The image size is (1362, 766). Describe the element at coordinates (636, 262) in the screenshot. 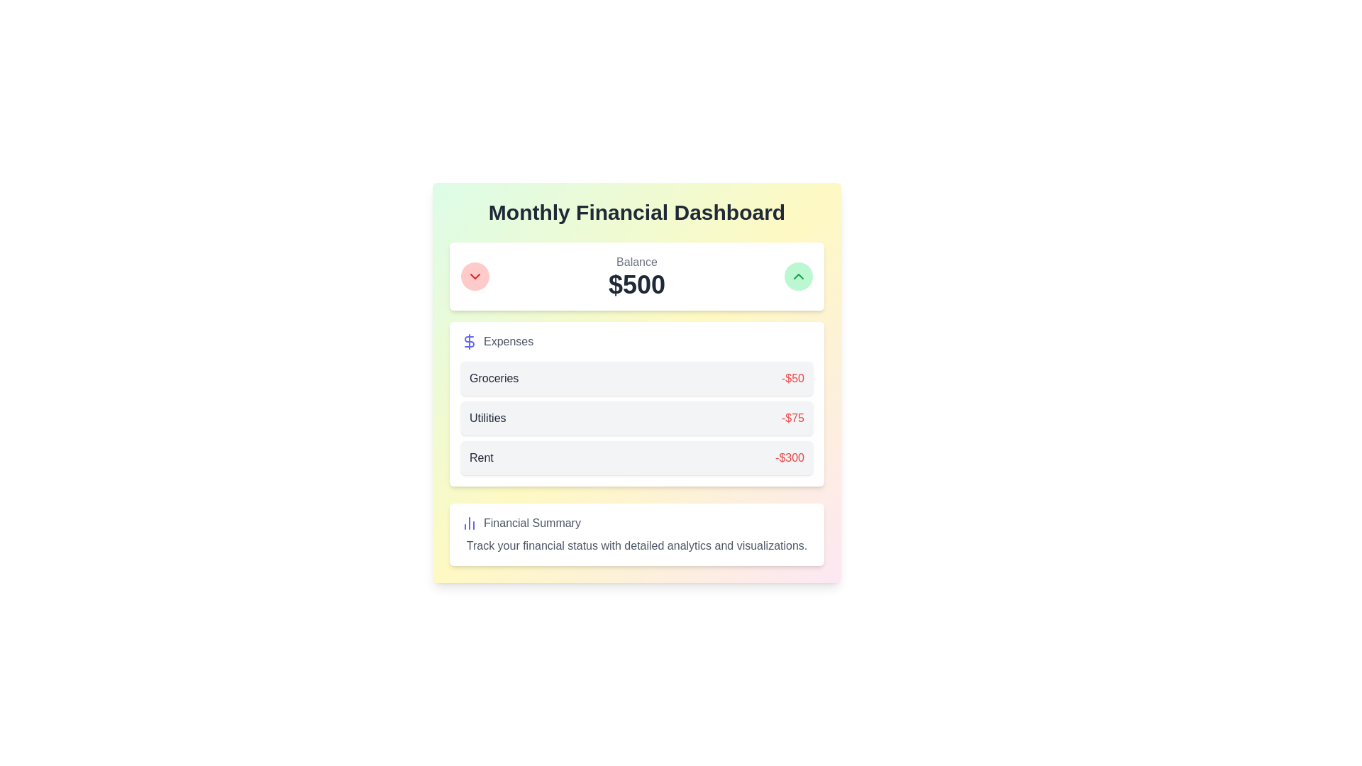

I see `the 'Balance' label that describes the amount displayed below it, which is located above the '$500' text in the financial summary section of the dashboard` at that location.